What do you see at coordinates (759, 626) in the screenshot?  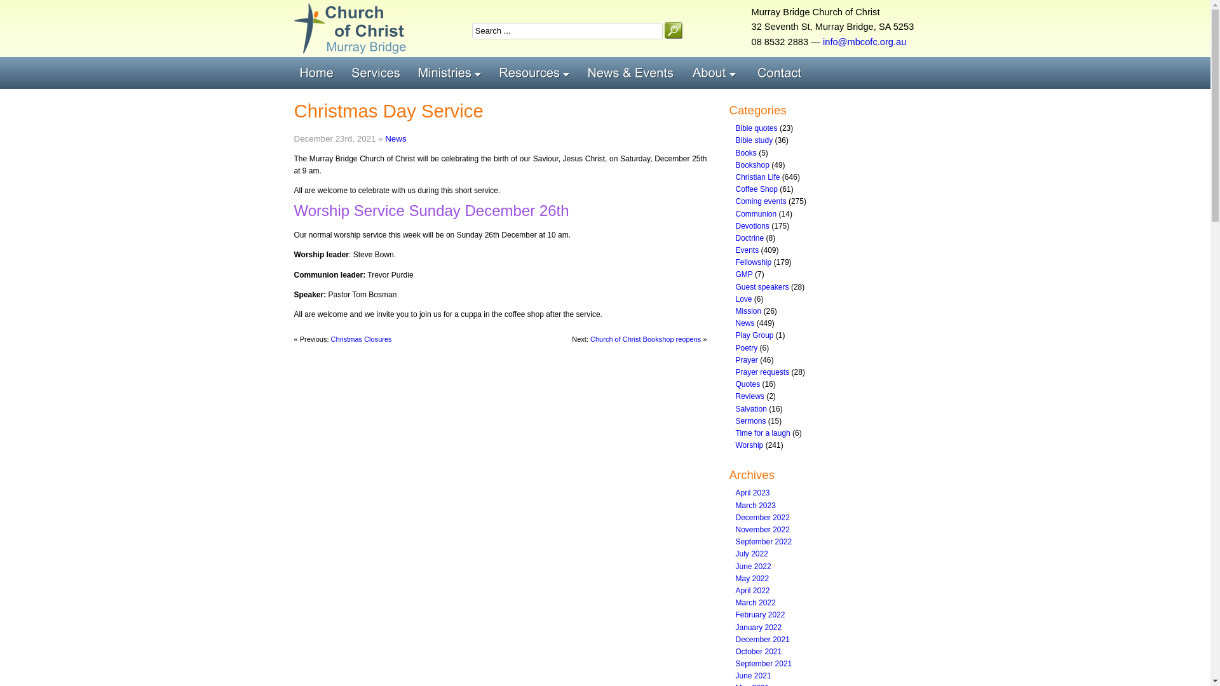 I see `'January 2022'` at bounding box center [759, 626].